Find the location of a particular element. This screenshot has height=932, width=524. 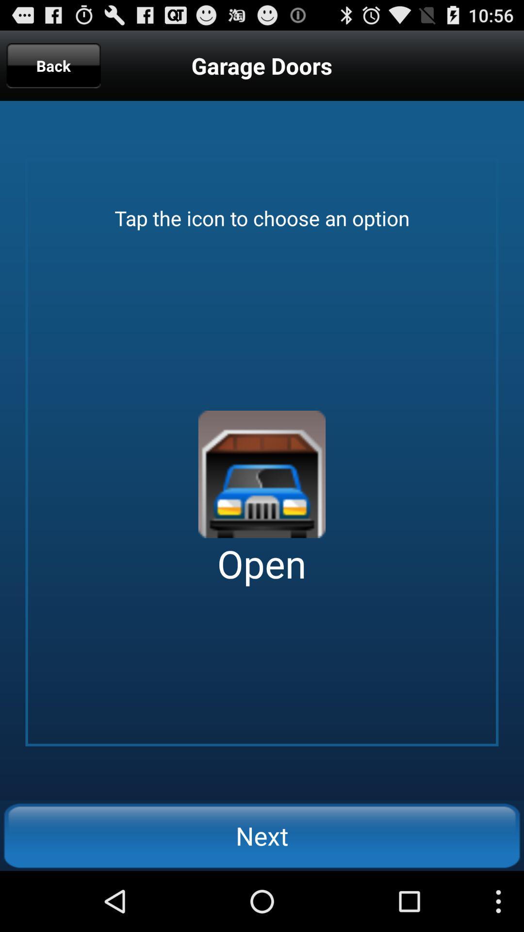

next at the bottom is located at coordinates (262, 835).